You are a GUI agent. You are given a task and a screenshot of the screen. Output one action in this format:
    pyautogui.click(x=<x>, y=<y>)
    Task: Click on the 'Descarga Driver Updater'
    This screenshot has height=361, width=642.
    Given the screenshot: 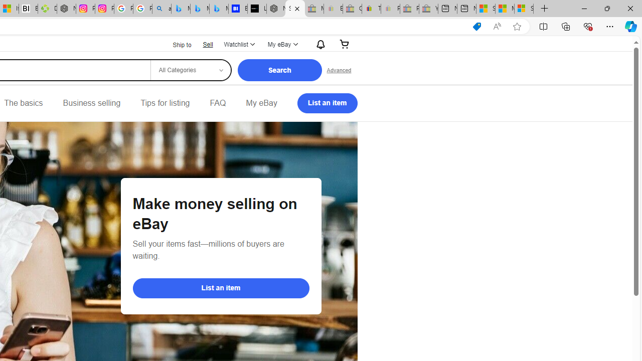 What is the action you would take?
    pyautogui.click(x=47, y=9)
    